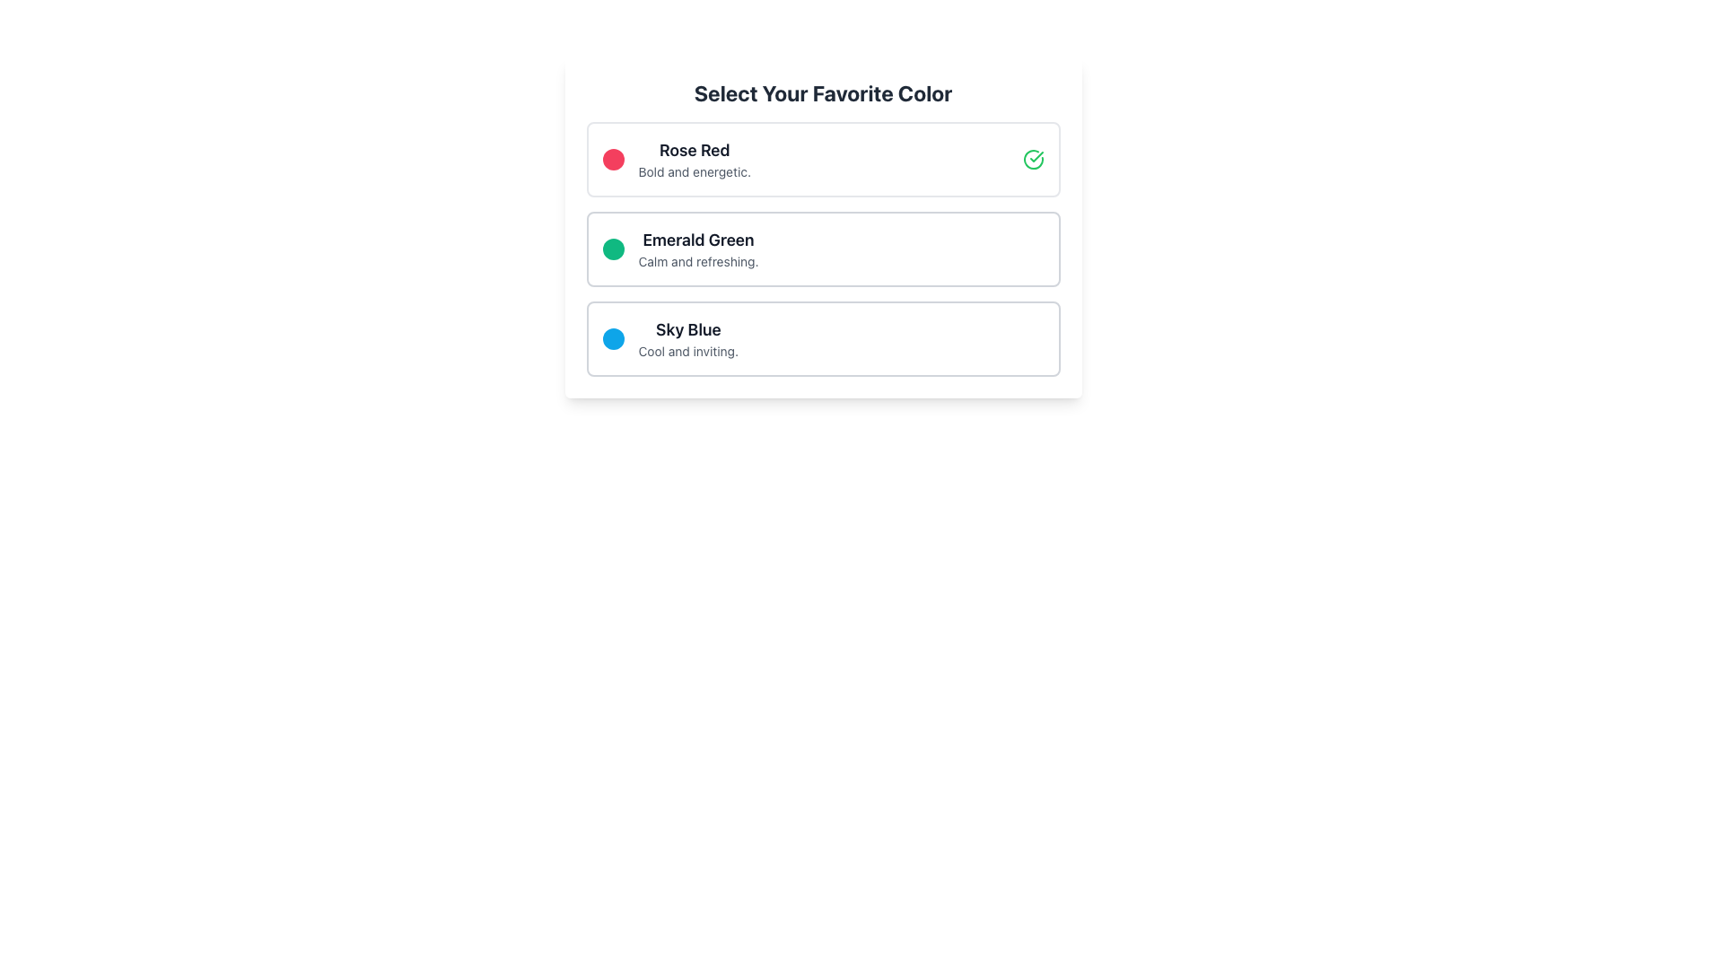 The image size is (1723, 969). Describe the element at coordinates (687, 352) in the screenshot. I see `the Text Label that provides supplementary descriptive information for the choice labeled 'Sky Blue', located in the third item of the list` at that location.